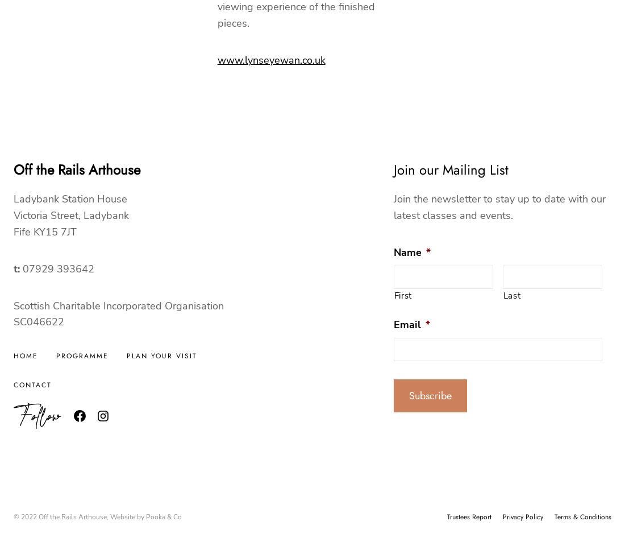 This screenshot has height=546, width=625. What do you see at coordinates (498, 206) in the screenshot?
I see `'Join the newsletter to stay up to date with our latest classes and events.'` at bounding box center [498, 206].